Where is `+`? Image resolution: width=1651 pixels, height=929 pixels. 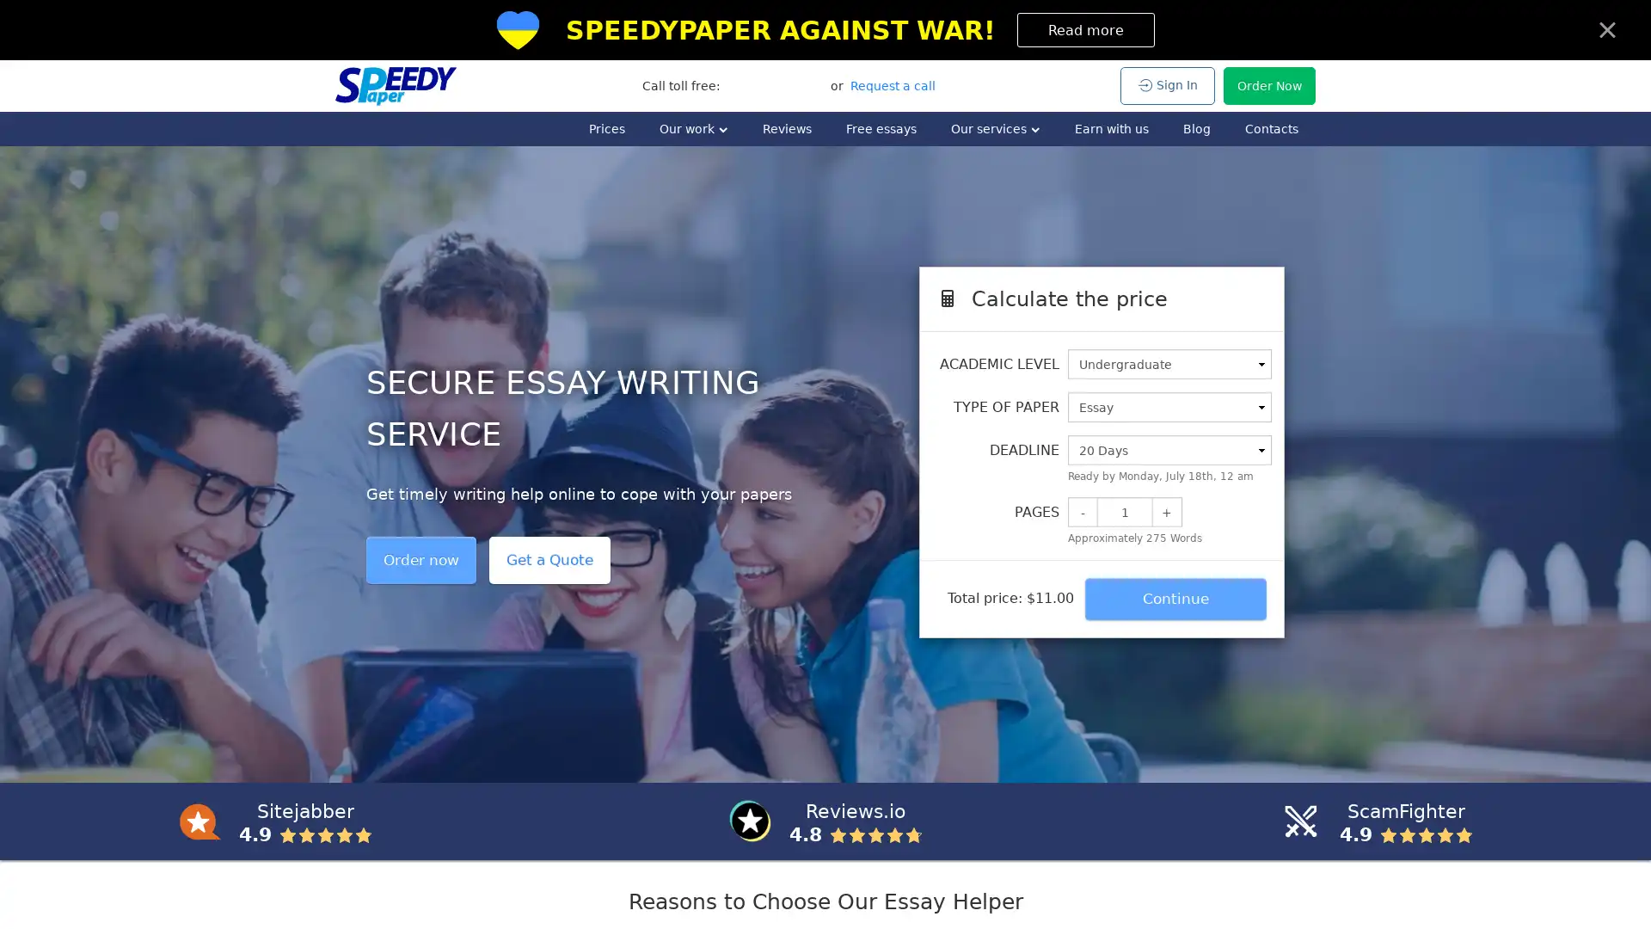 + is located at coordinates (1166, 511).